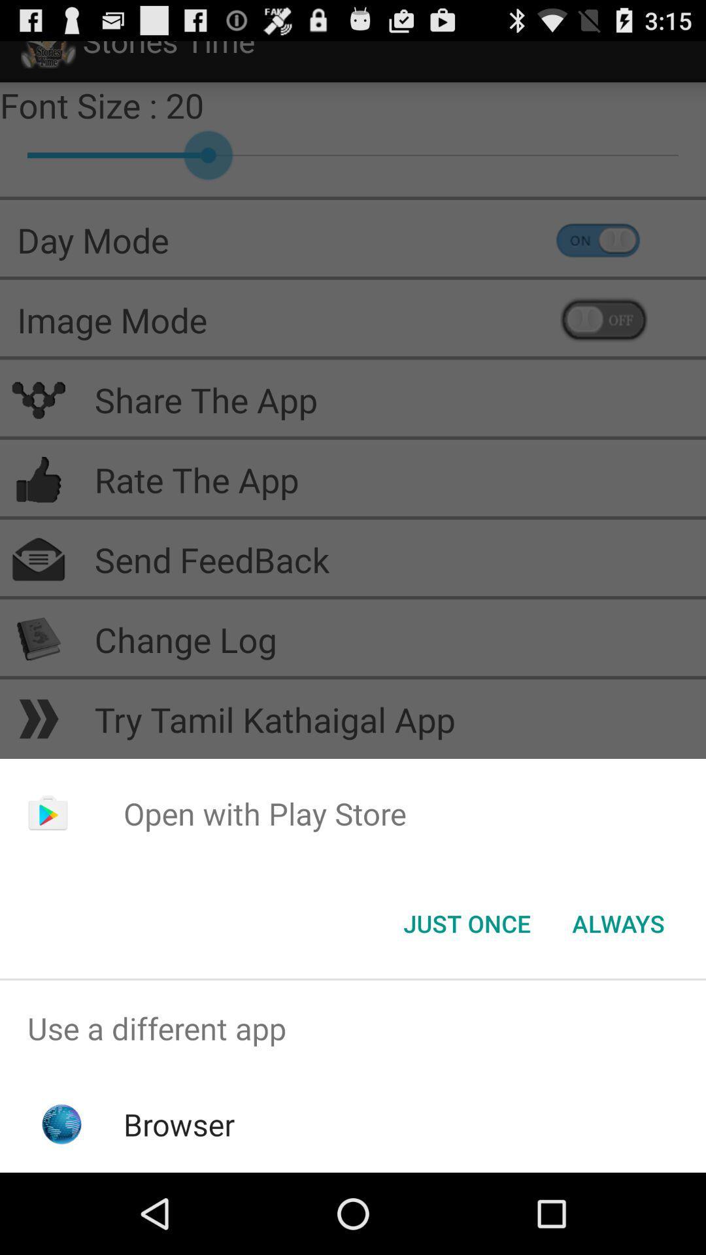  I want to click on item above the browser, so click(353, 1028).